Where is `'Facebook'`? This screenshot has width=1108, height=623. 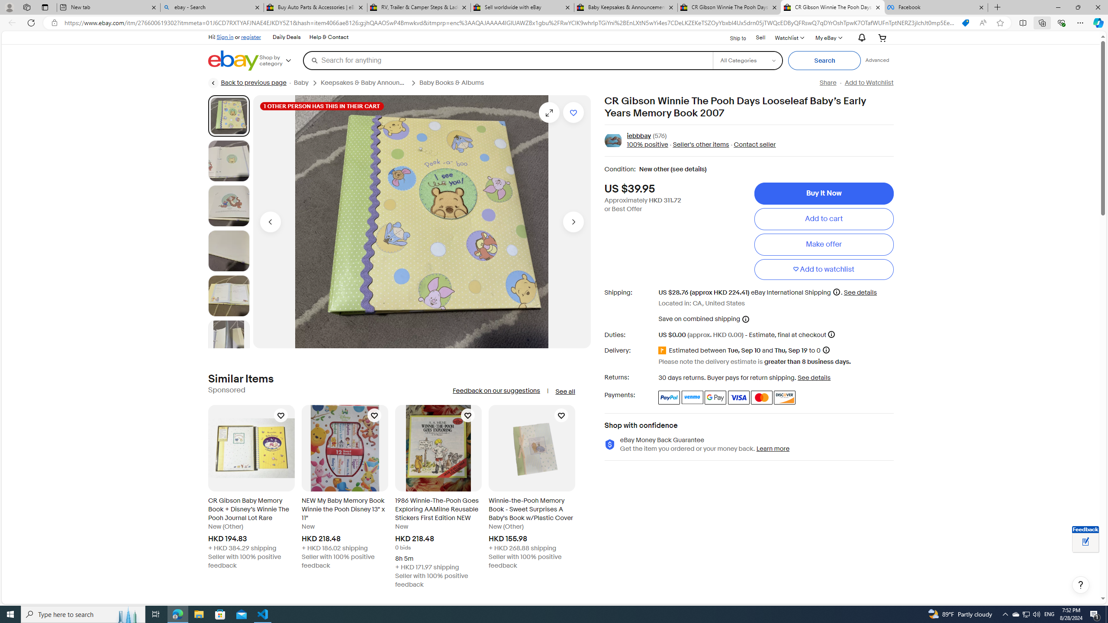 'Facebook' is located at coordinates (936, 7).